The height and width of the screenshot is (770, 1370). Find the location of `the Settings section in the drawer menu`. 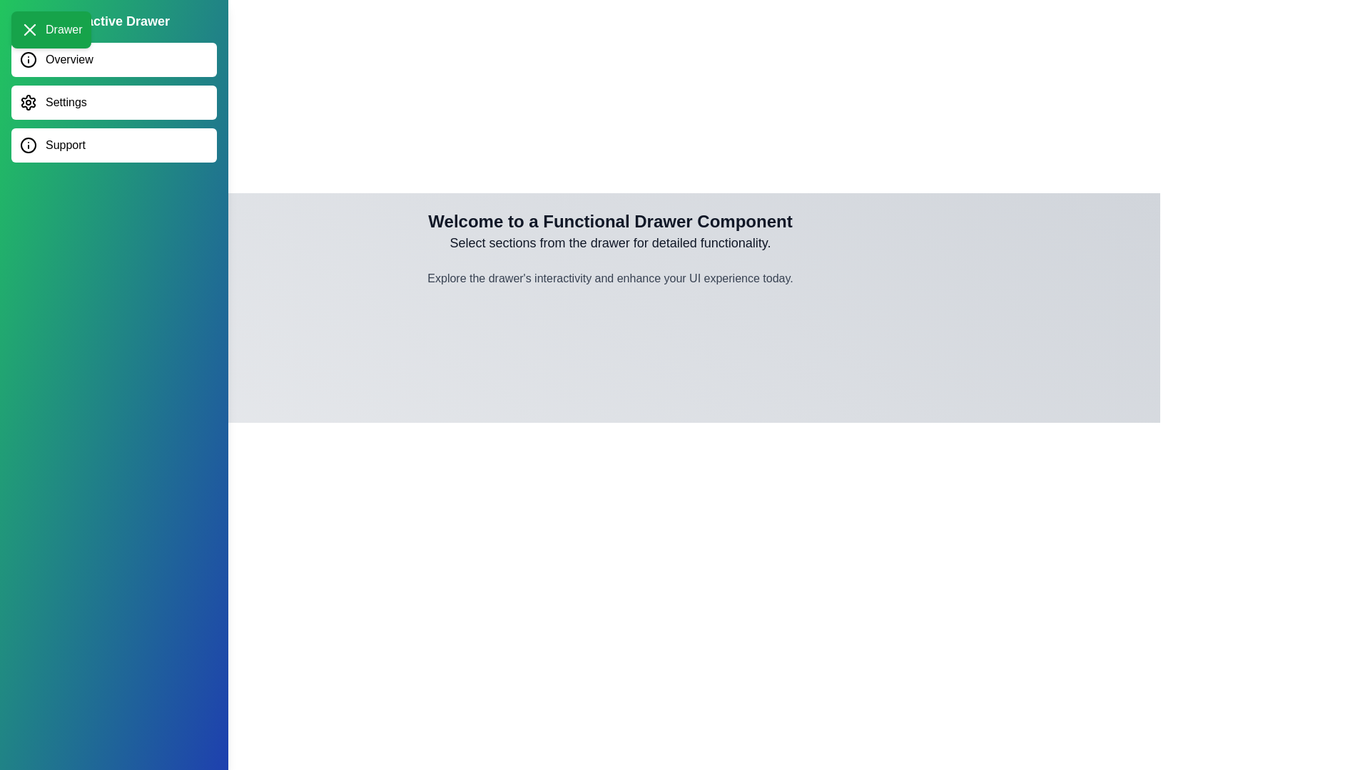

the Settings section in the drawer menu is located at coordinates (113, 101).